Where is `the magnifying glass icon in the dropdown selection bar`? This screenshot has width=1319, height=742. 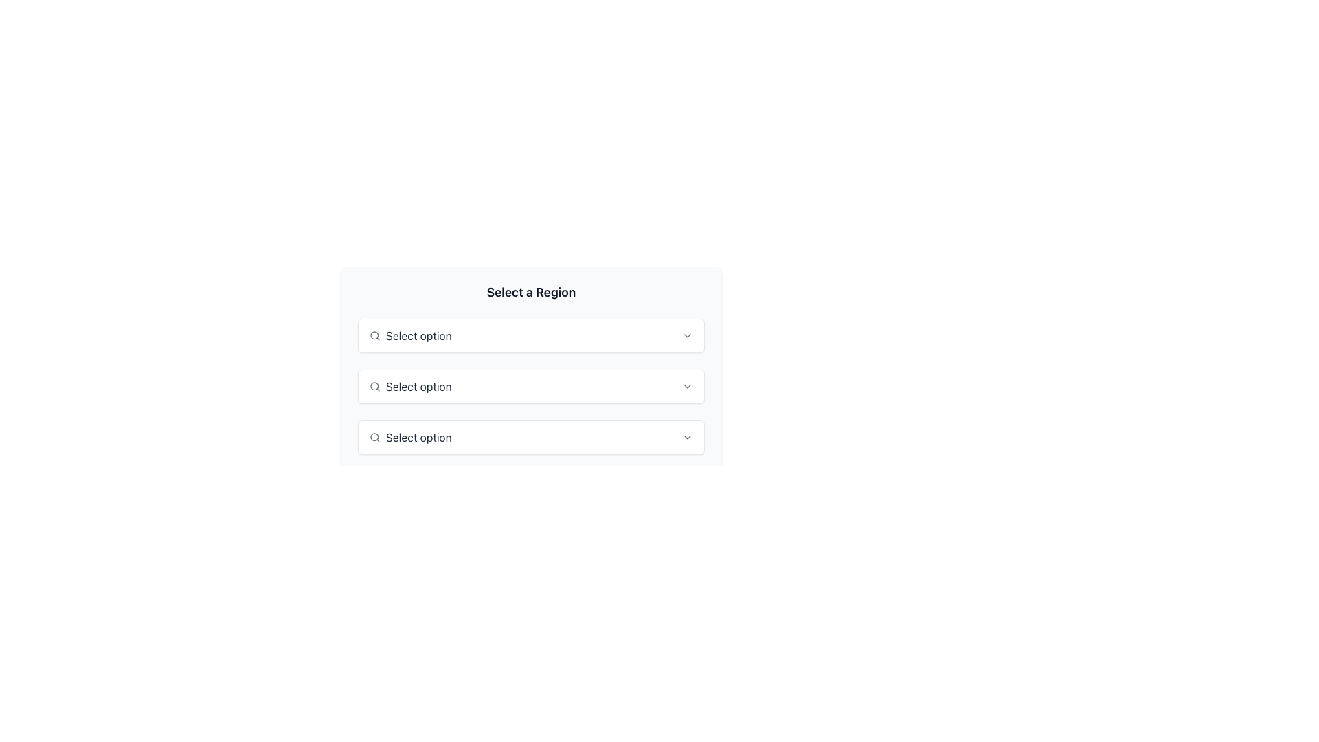
the magnifying glass icon in the dropdown selection bar is located at coordinates (375, 437).